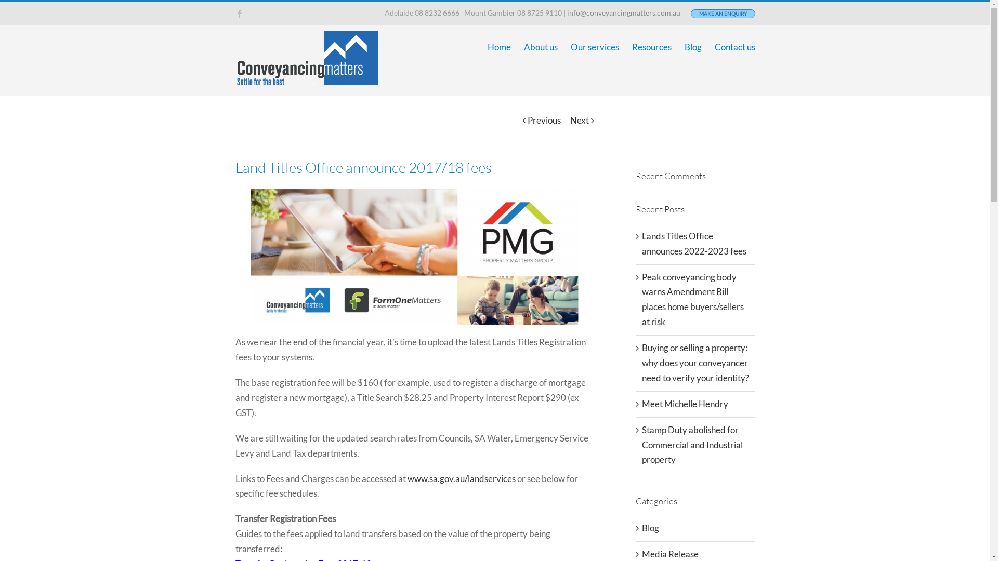 Image resolution: width=998 pixels, height=561 pixels. I want to click on 'Lands Titles Office announces 2022-2023 fees', so click(693, 244).